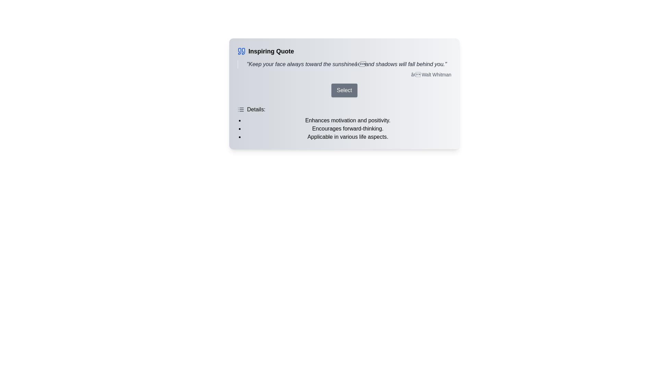  Describe the element at coordinates (344, 94) in the screenshot. I see `the 'Select' button, which is a rectangular button with white text on a gray background, centrally aligned and featuring rounded corners` at that location.